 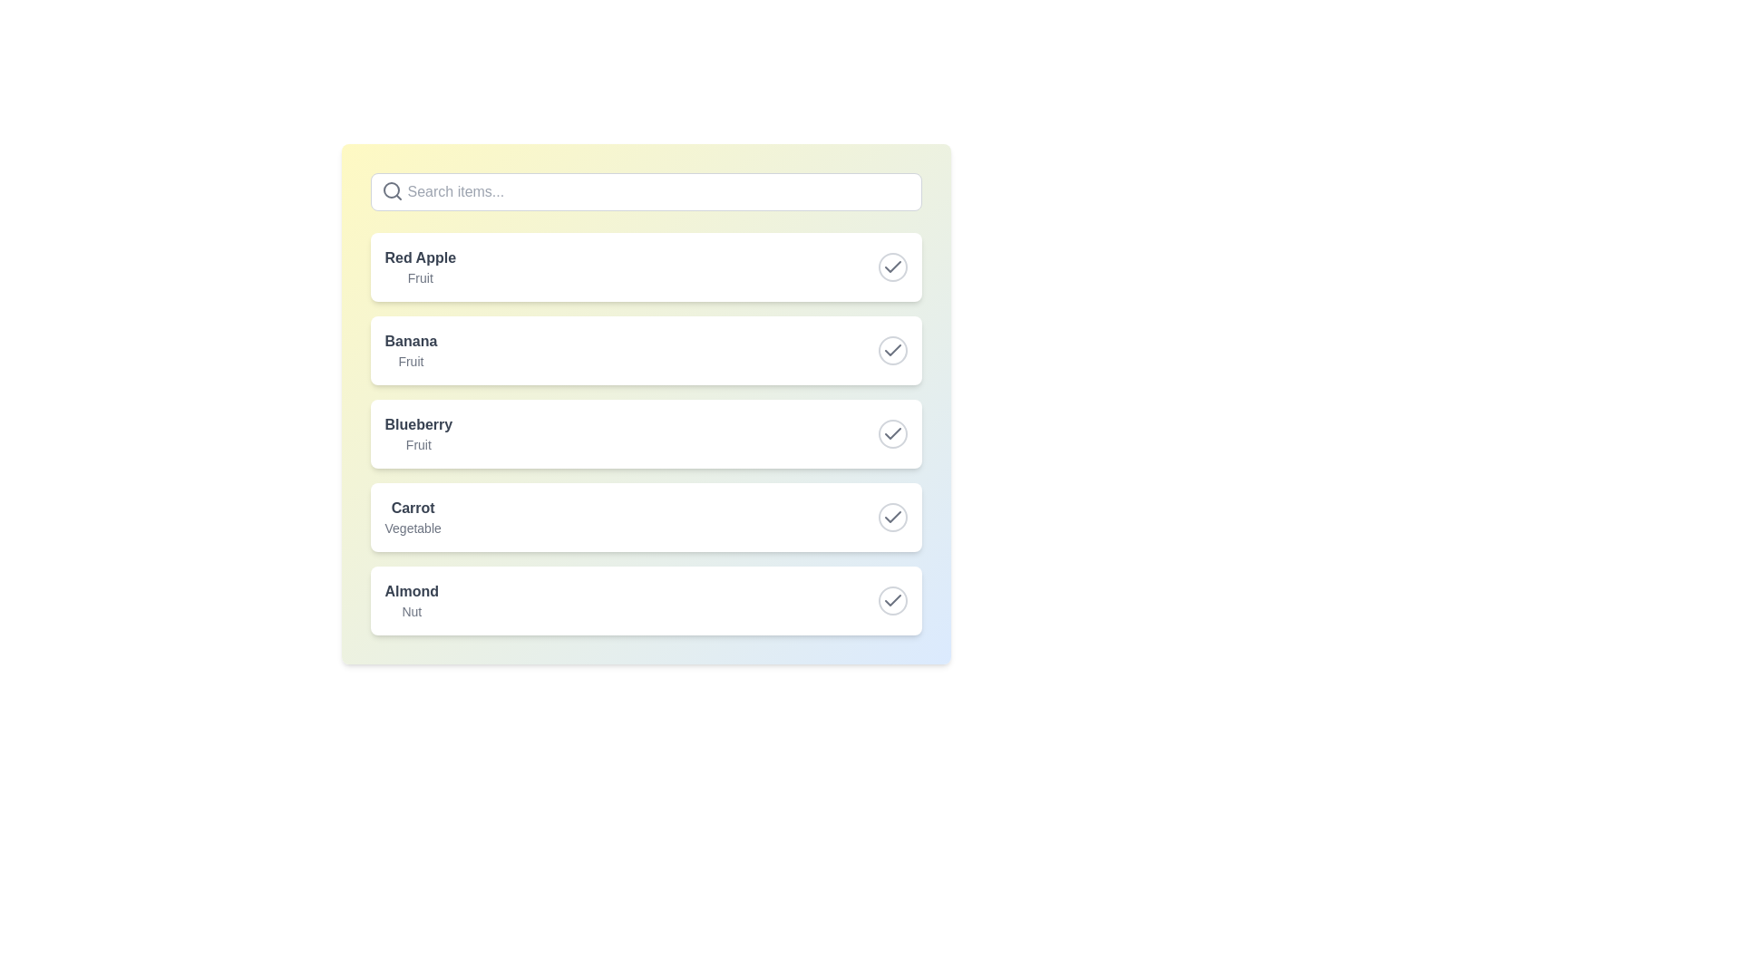 I want to click on the Text label with hierarchical styling that displays 'Carrot' and 'Vegetable', located in the fourth card of a vertical list, positioned between the 'Blueberry' and 'Almond' cards, so click(x=412, y=517).